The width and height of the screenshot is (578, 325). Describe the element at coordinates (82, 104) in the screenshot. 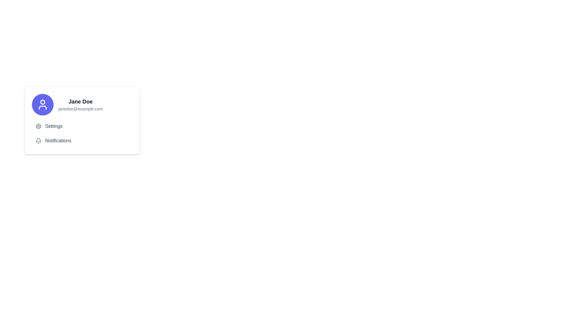

I see `the user profile section displaying 'Jane Doe' and 'janedoe@example.com'` at that location.